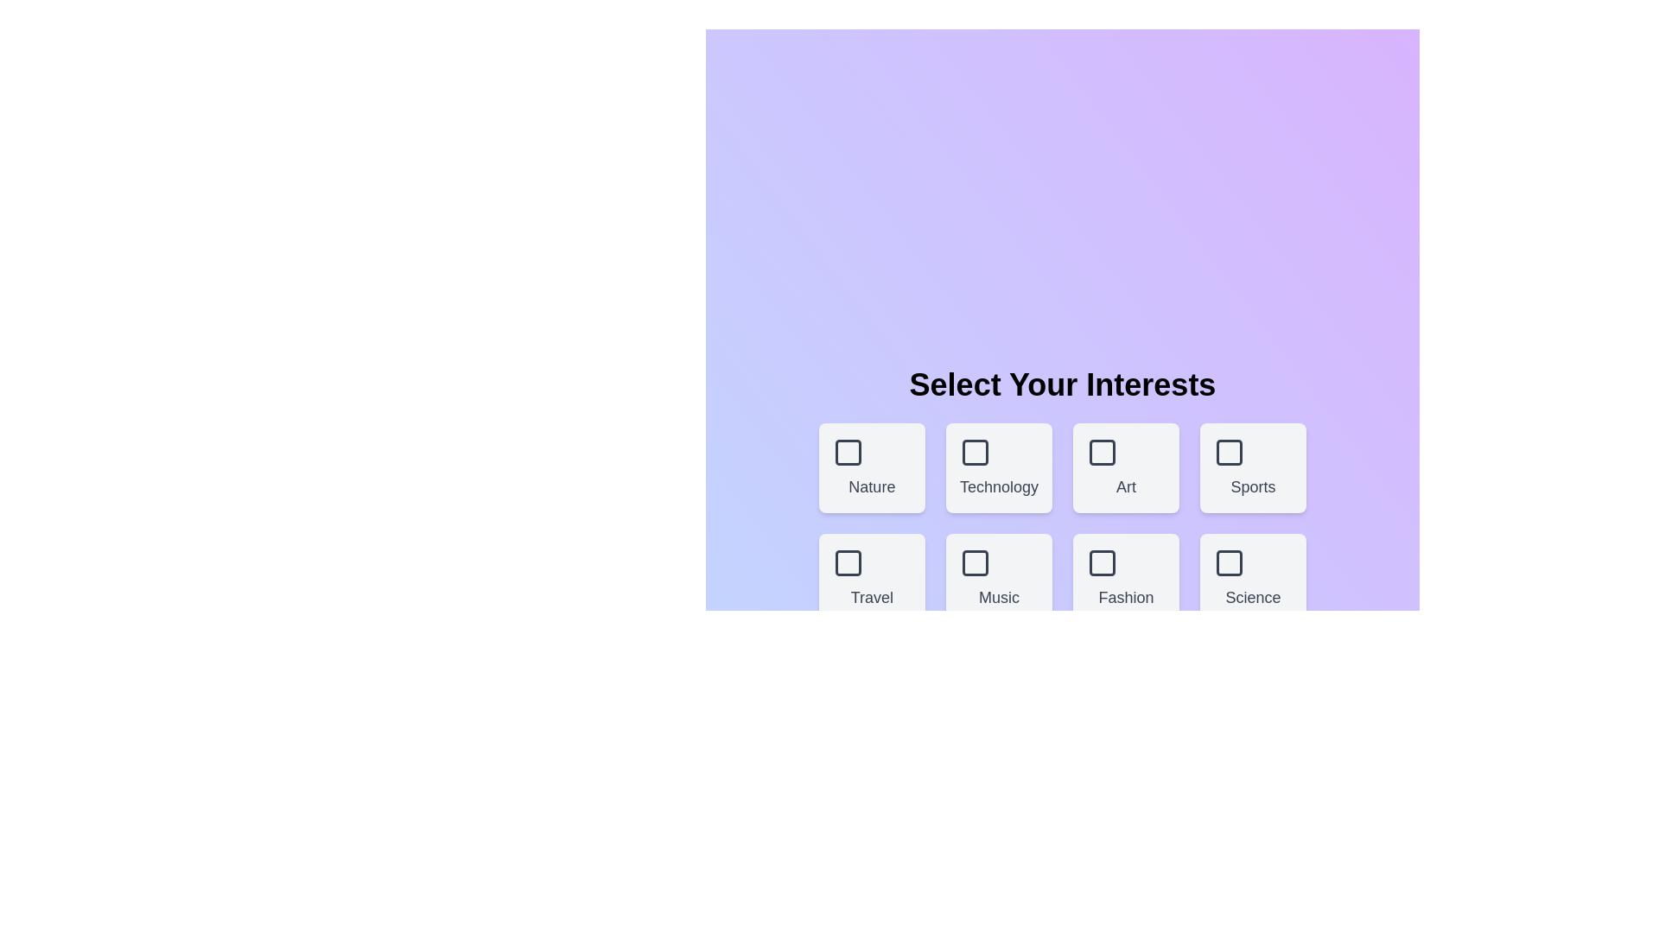 Image resolution: width=1659 pixels, height=933 pixels. What do you see at coordinates (1253, 468) in the screenshot?
I see `the theme box labeled Sports` at bounding box center [1253, 468].